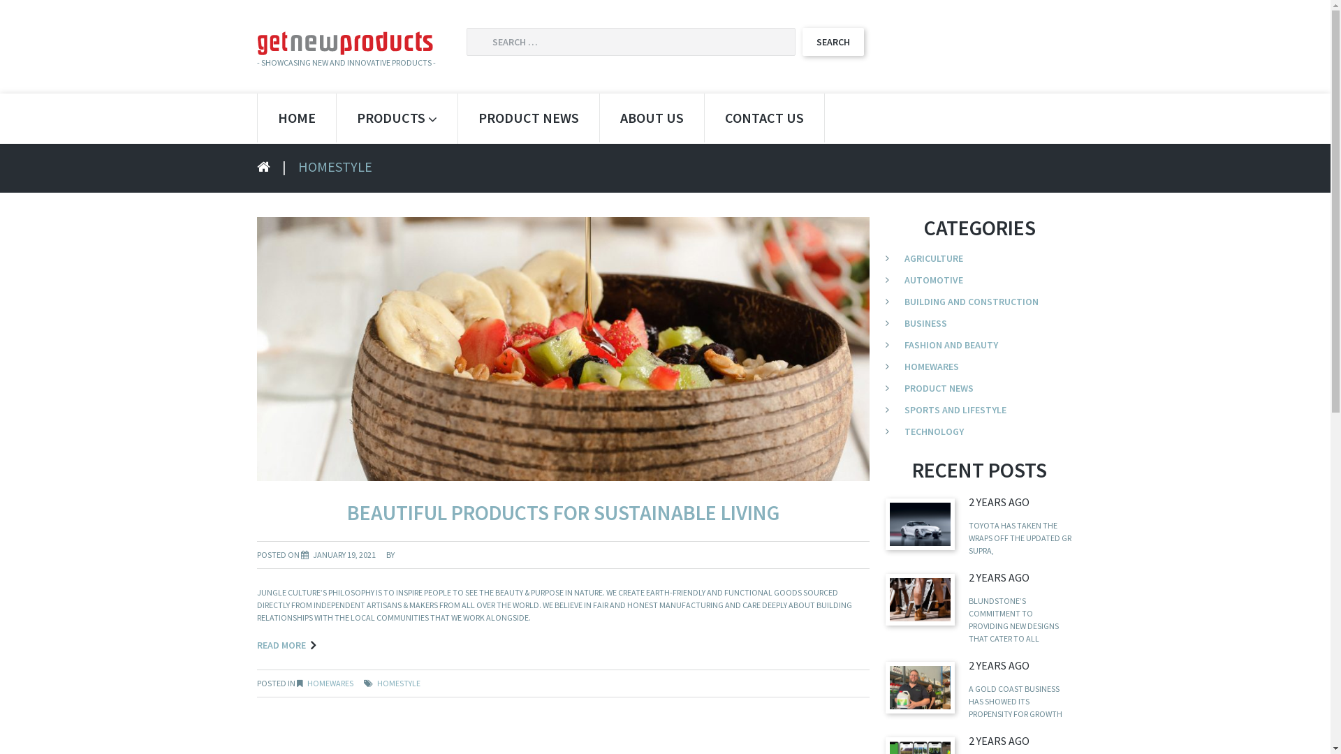  I want to click on 'BUILDING AND CONSTRUCTION', so click(971, 301).